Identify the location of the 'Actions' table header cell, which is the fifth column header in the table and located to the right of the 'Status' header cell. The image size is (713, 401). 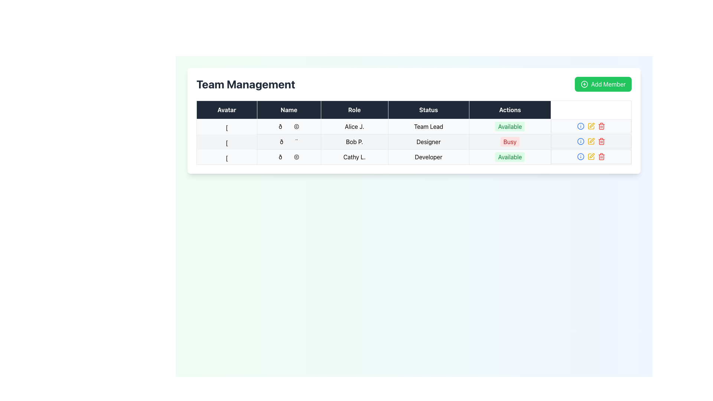
(509, 110).